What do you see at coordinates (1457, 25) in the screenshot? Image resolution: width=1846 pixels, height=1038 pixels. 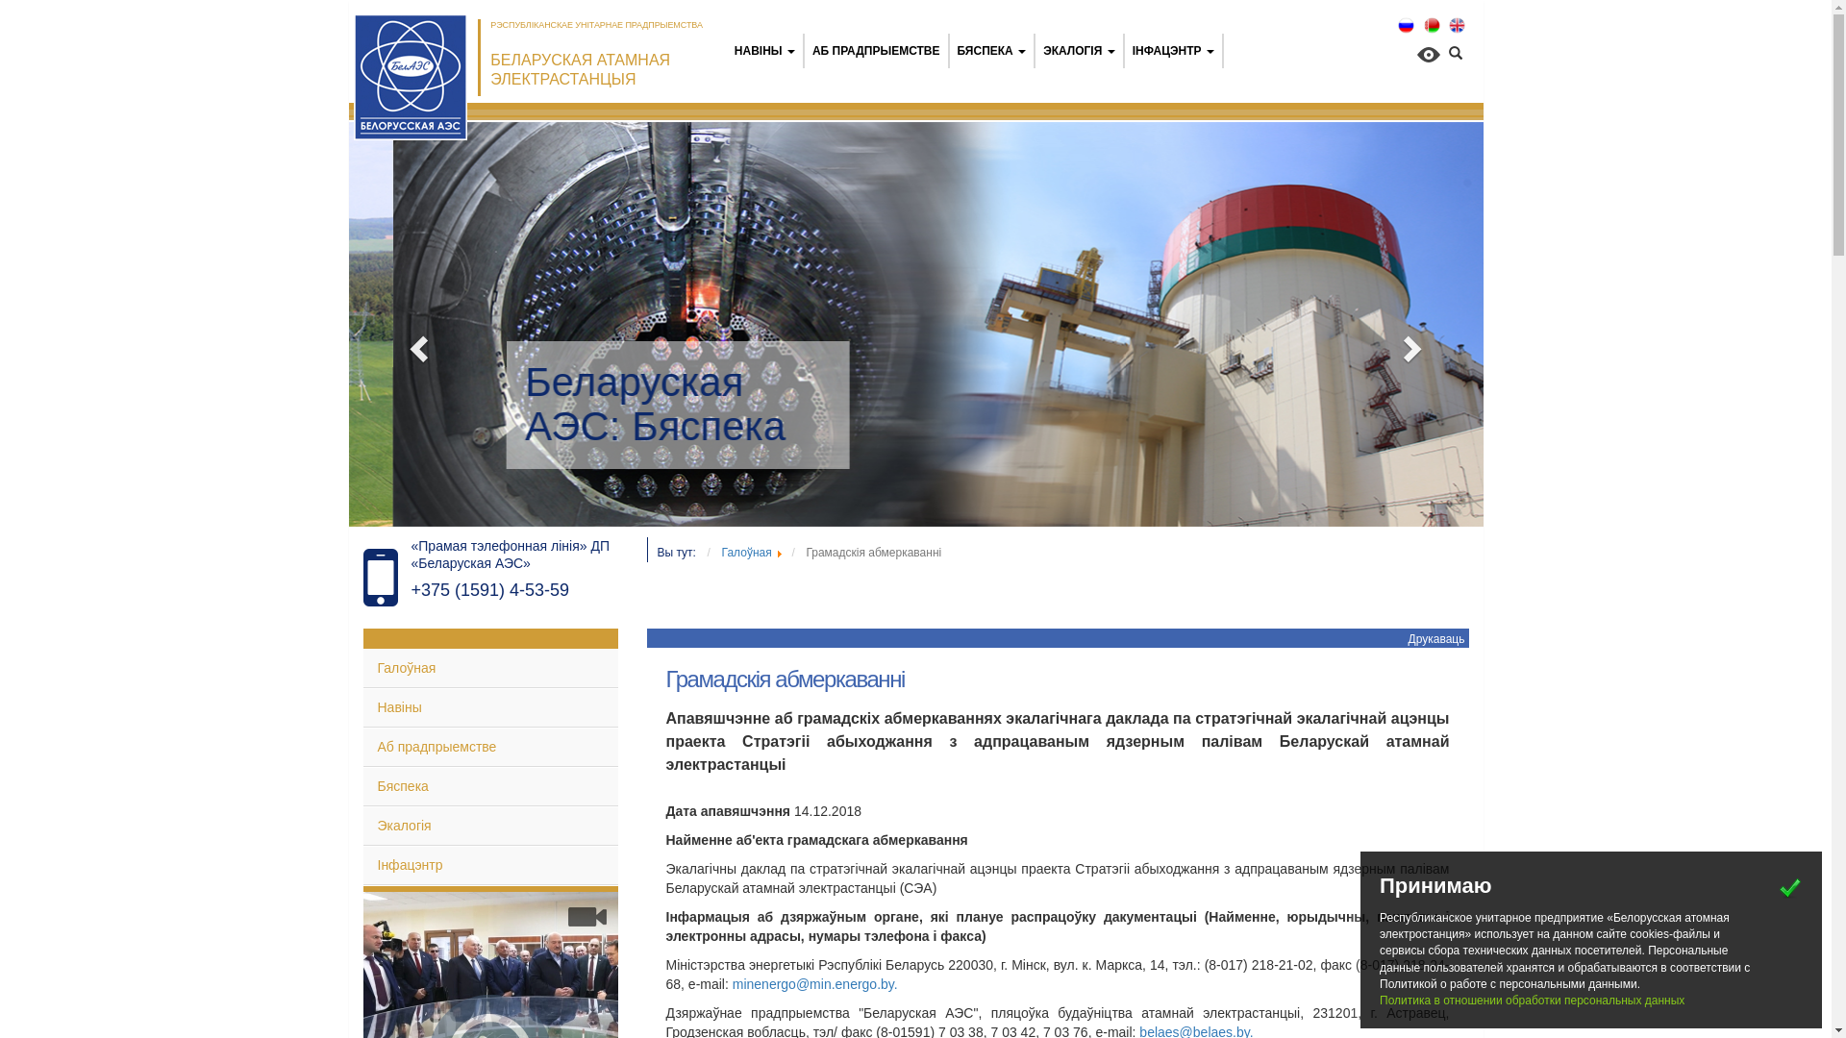 I see `'English (UK)'` at bounding box center [1457, 25].